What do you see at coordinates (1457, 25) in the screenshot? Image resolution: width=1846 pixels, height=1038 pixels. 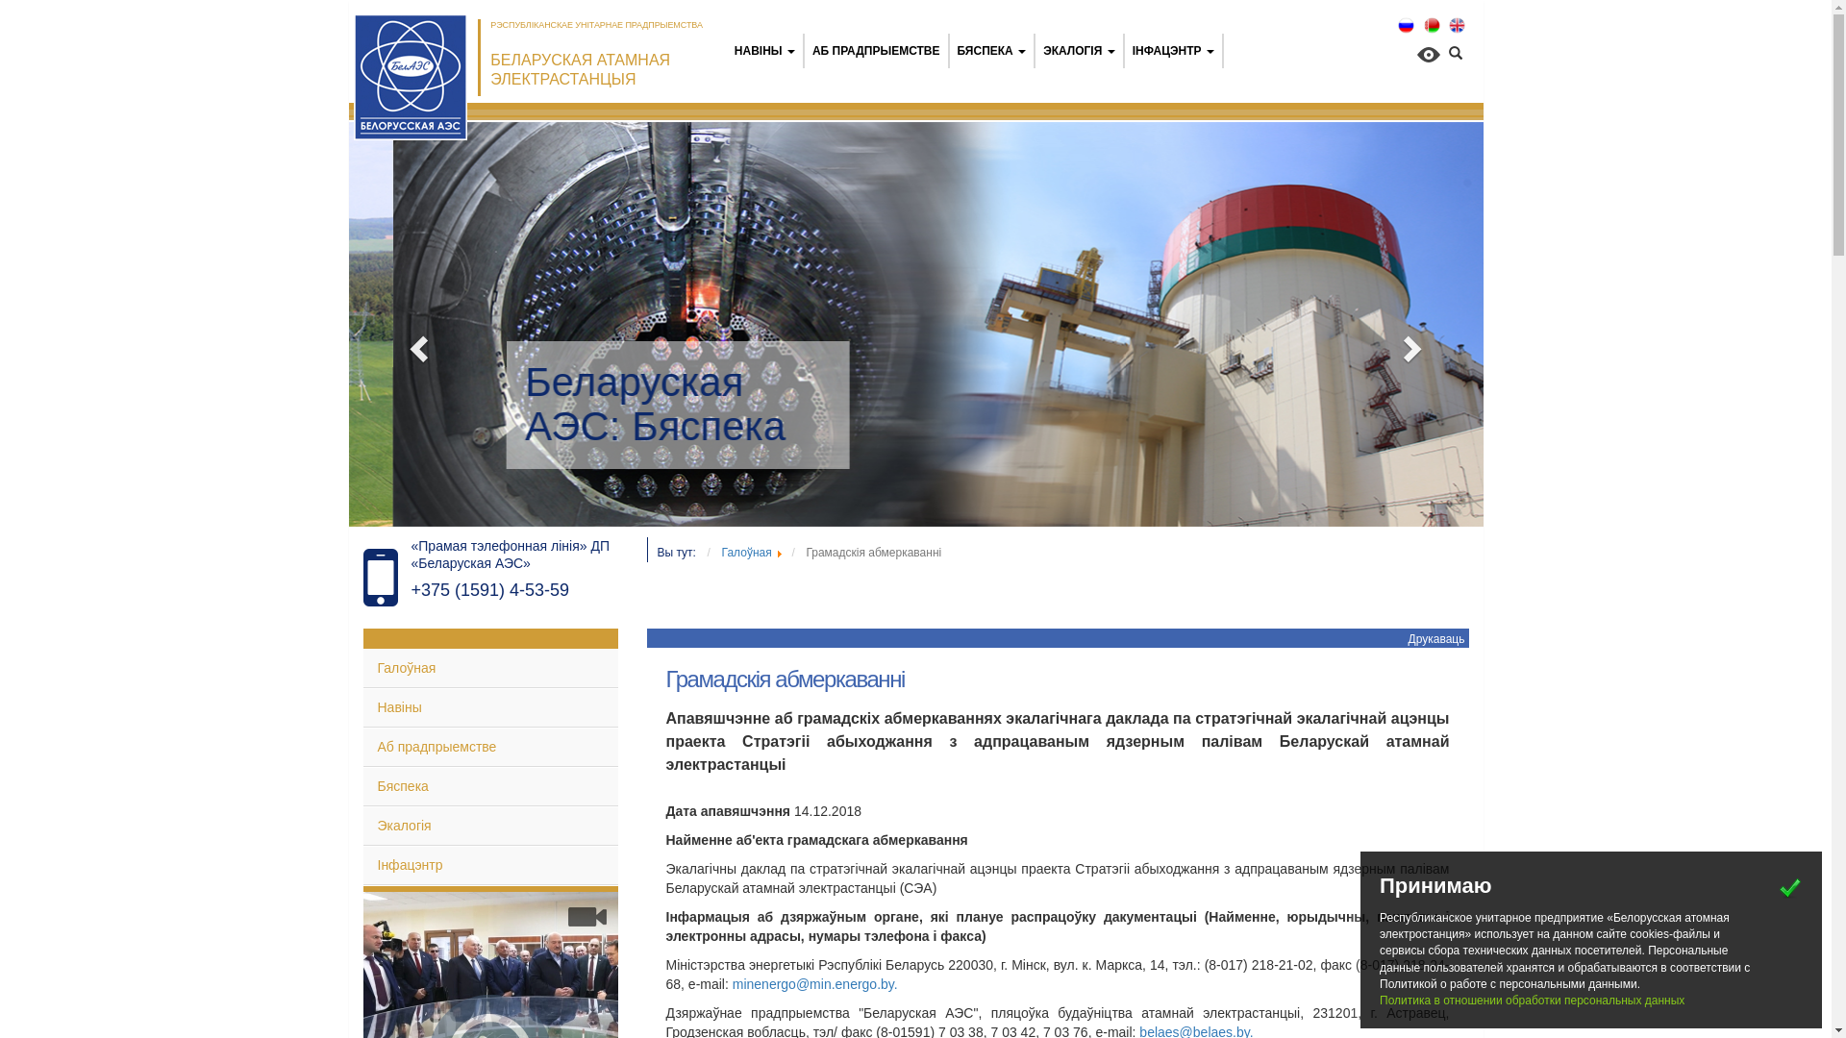 I see `'English (UK)'` at bounding box center [1457, 25].